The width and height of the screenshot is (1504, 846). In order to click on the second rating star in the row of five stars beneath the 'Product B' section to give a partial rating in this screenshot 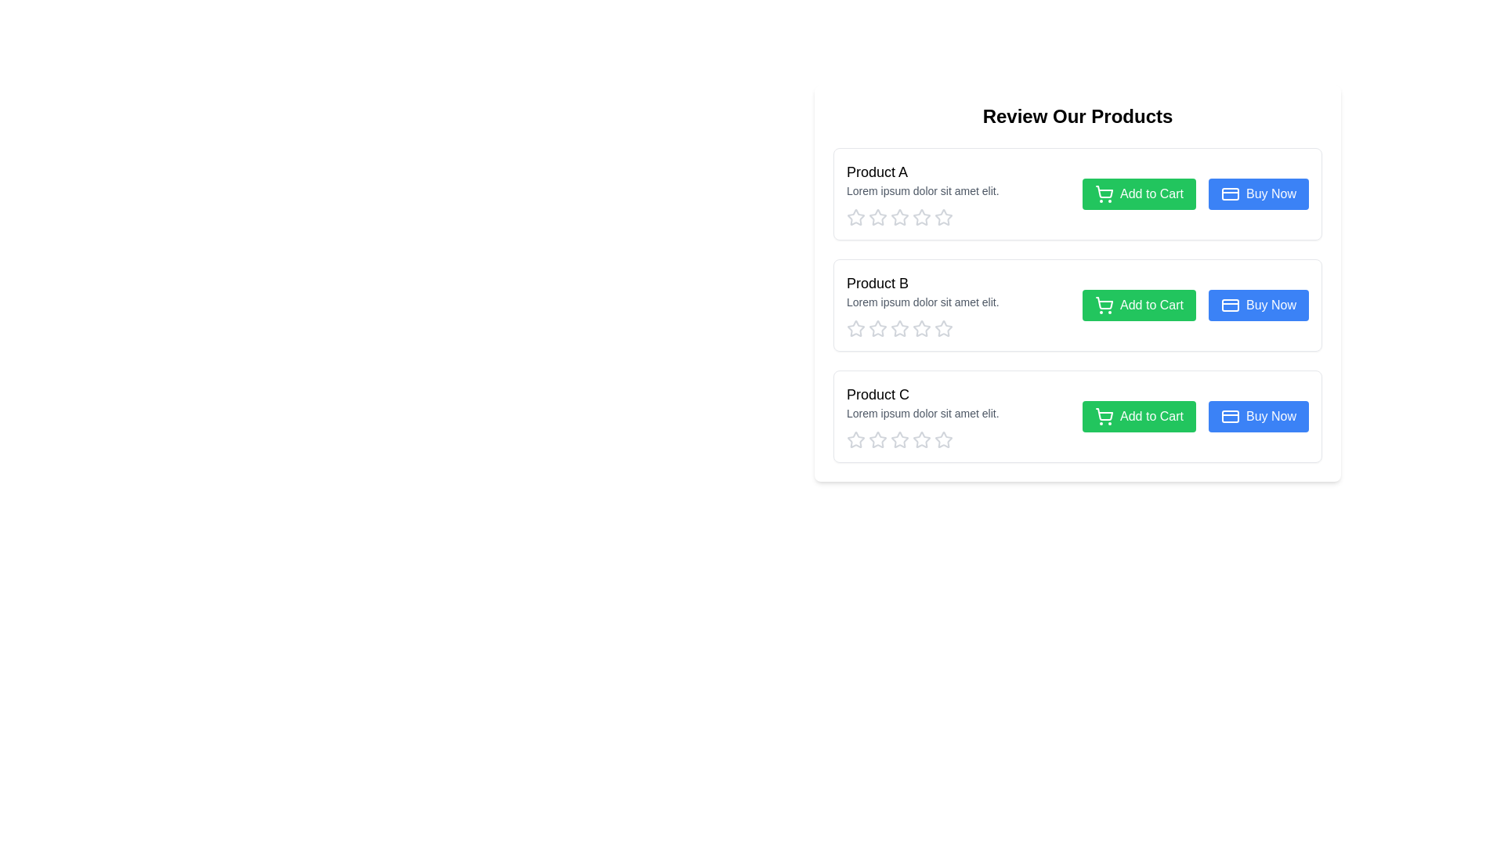, I will do `click(876, 327)`.